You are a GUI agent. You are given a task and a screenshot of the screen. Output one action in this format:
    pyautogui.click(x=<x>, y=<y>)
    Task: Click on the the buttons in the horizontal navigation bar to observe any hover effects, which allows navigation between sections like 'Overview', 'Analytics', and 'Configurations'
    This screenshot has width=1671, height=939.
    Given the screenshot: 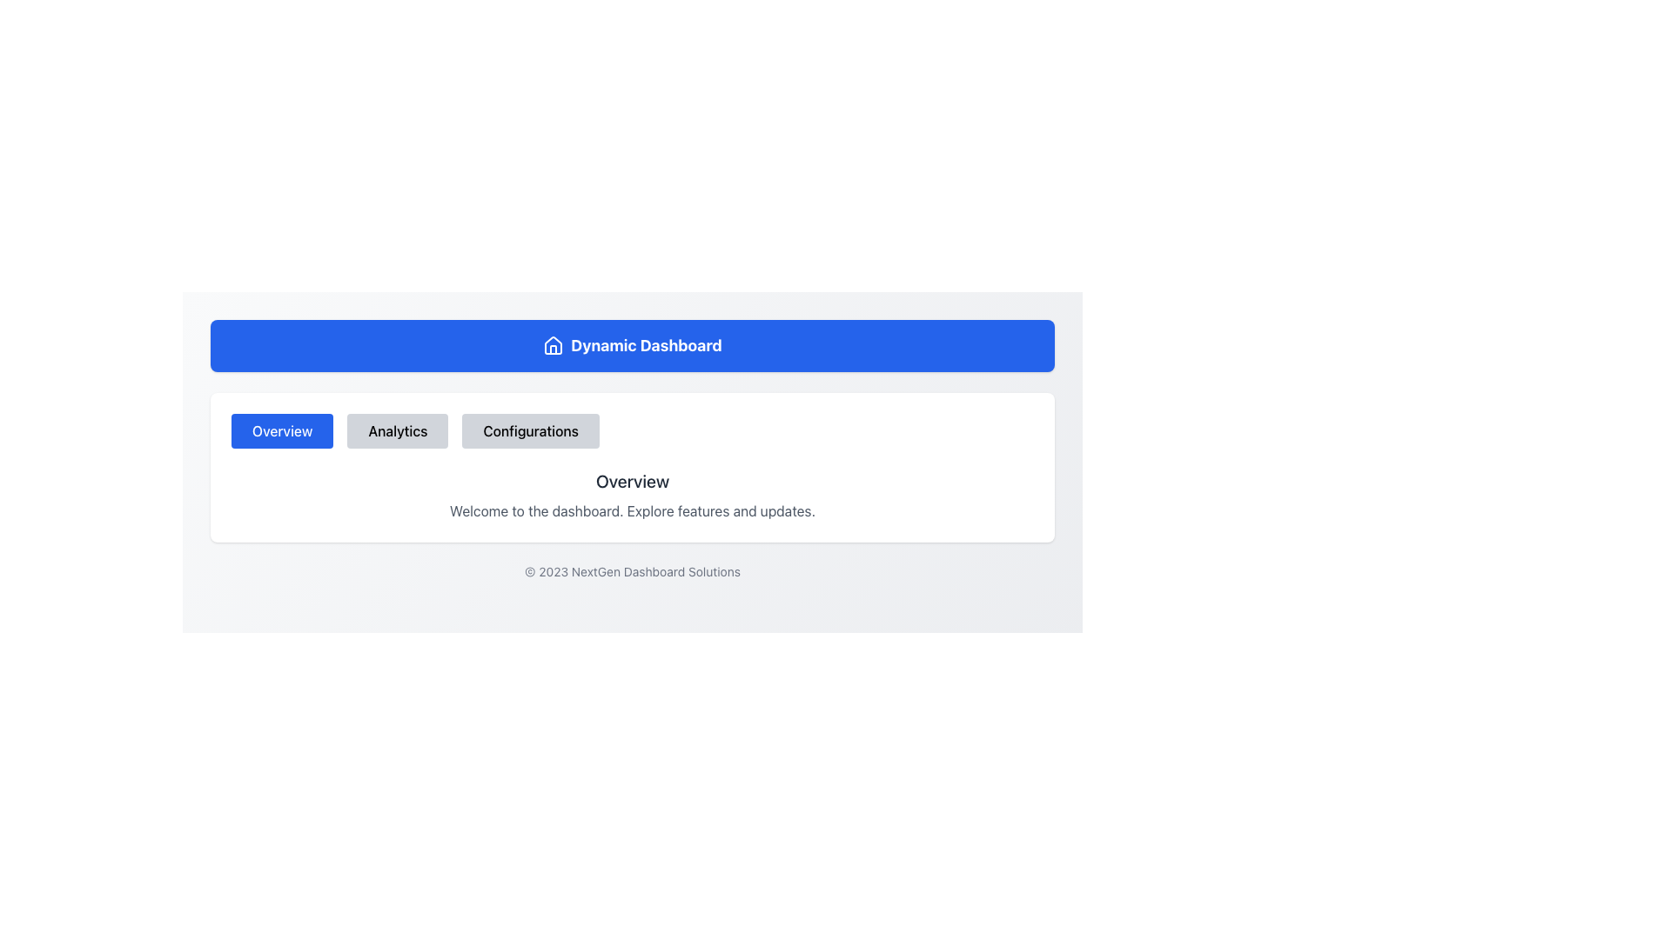 What is the action you would take?
    pyautogui.click(x=631, y=430)
    